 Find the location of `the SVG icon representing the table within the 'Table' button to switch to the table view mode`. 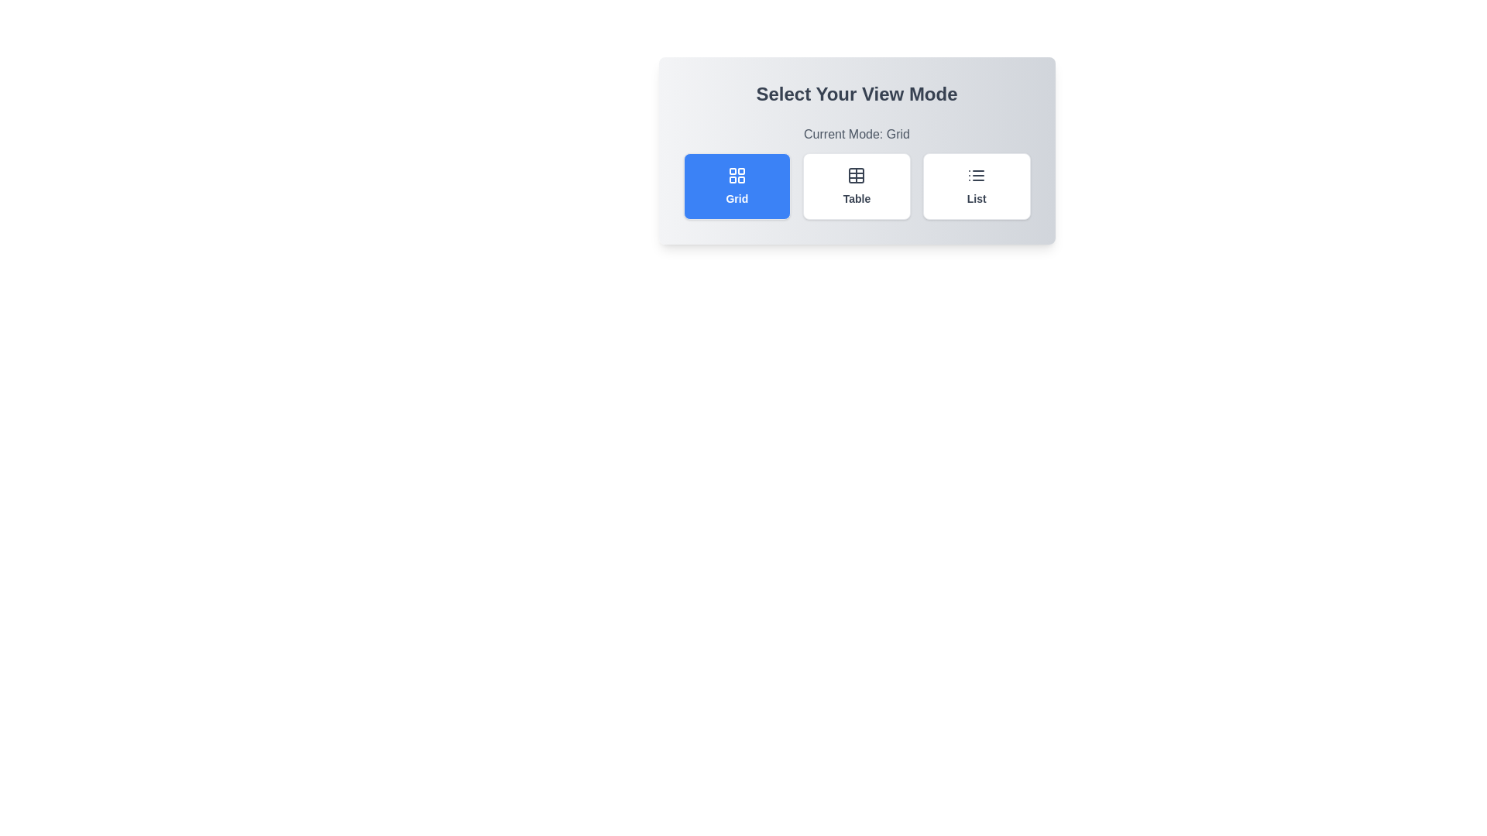

the SVG icon representing the table within the 'Table' button to switch to the table view mode is located at coordinates (856, 175).